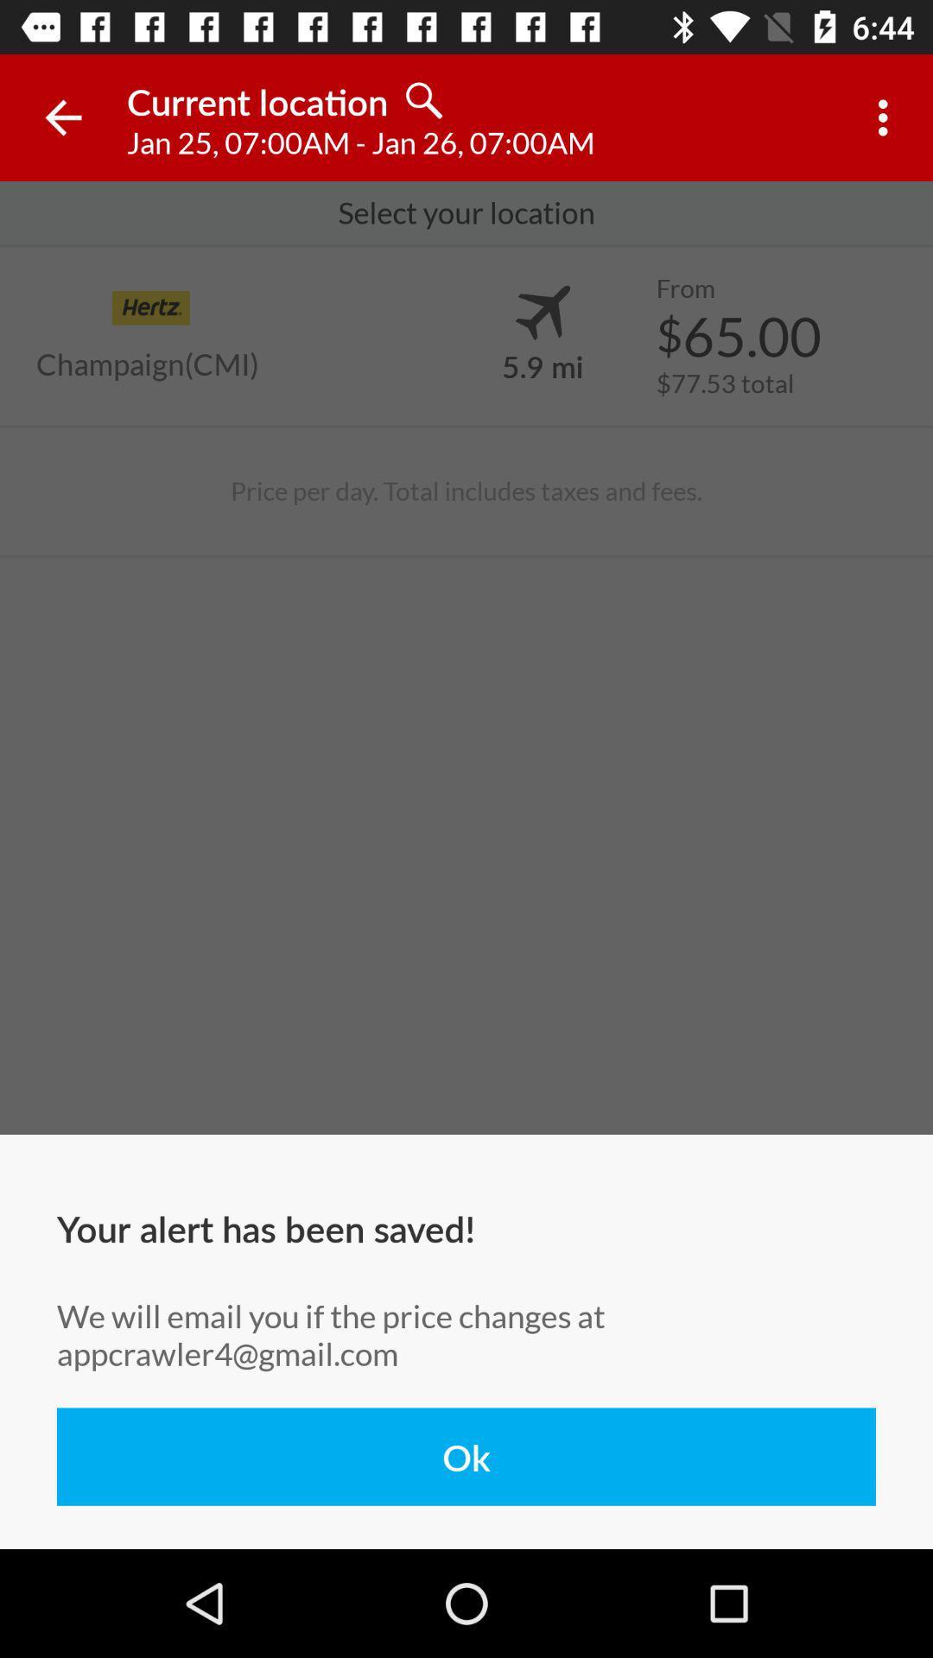 Image resolution: width=933 pixels, height=1658 pixels. Describe the element at coordinates (542, 364) in the screenshot. I see `item next to the $65.00` at that location.